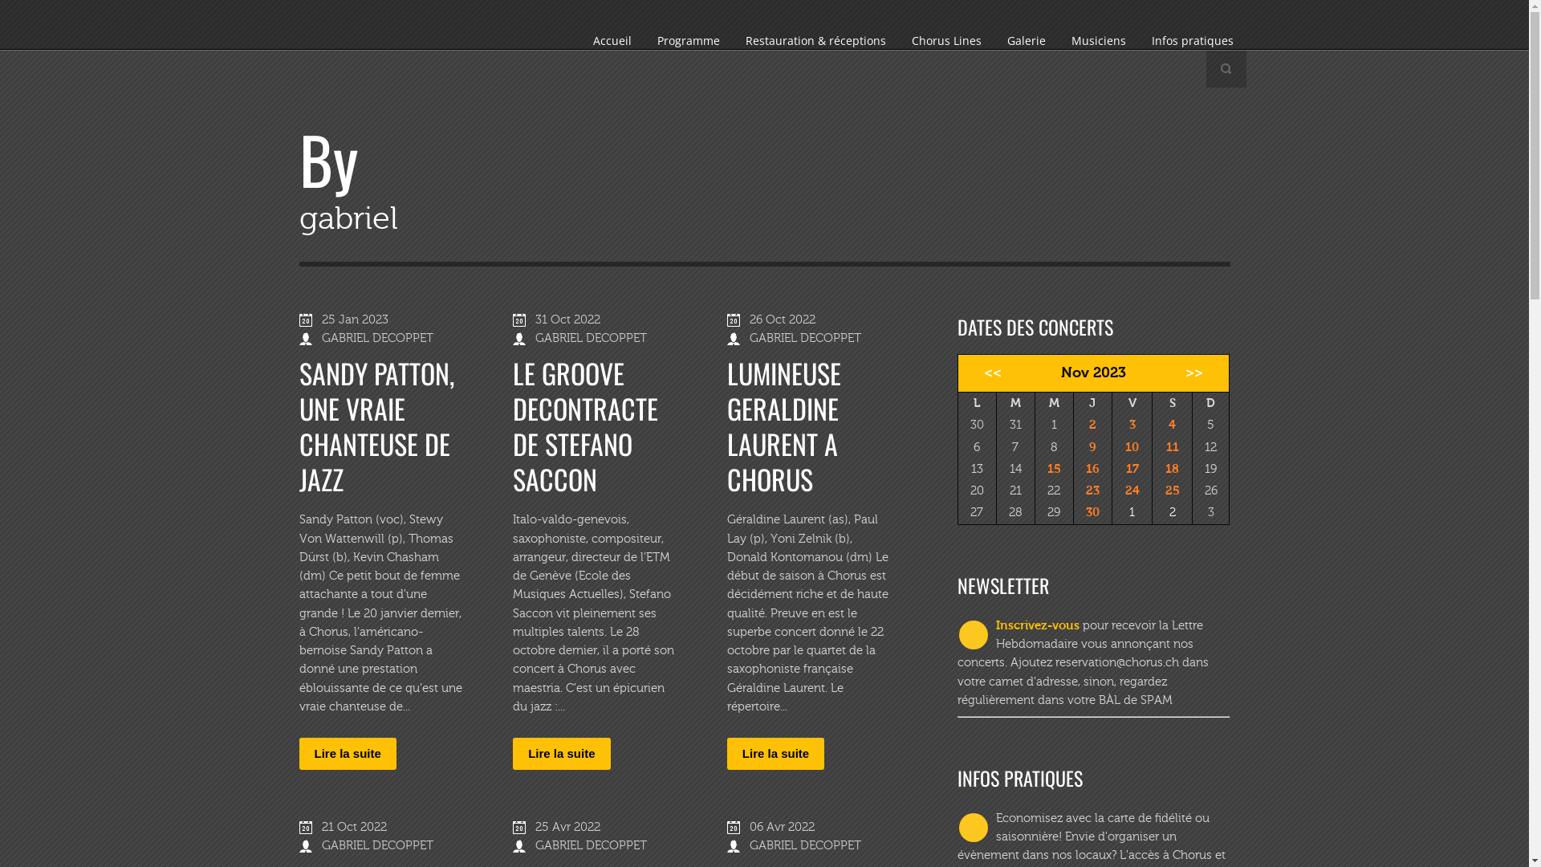  What do you see at coordinates (1036, 625) in the screenshot?
I see `'Inscrivez-vous'` at bounding box center [1036, 625].